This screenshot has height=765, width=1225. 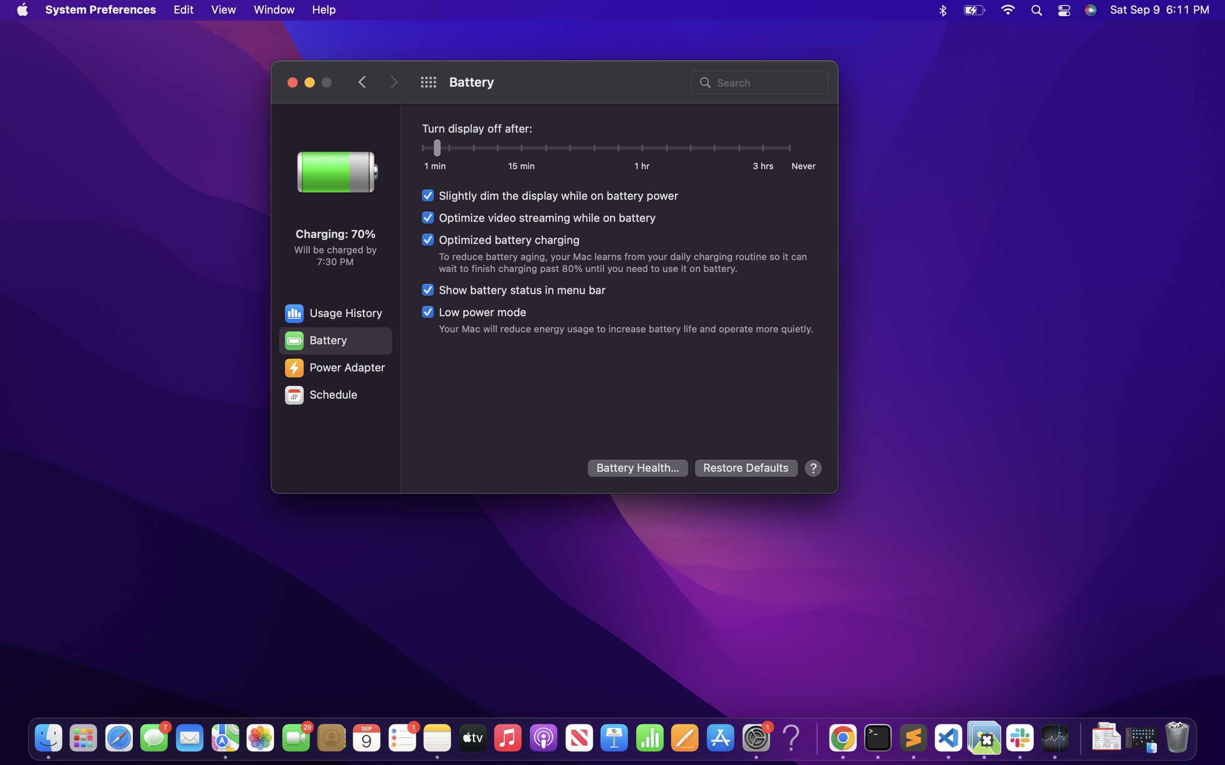 What do you see at coordinates (758, 81) in the screenshot?
I see `Input "power adapter" into the search bar and hit enter` at bounding box center [758, 81].